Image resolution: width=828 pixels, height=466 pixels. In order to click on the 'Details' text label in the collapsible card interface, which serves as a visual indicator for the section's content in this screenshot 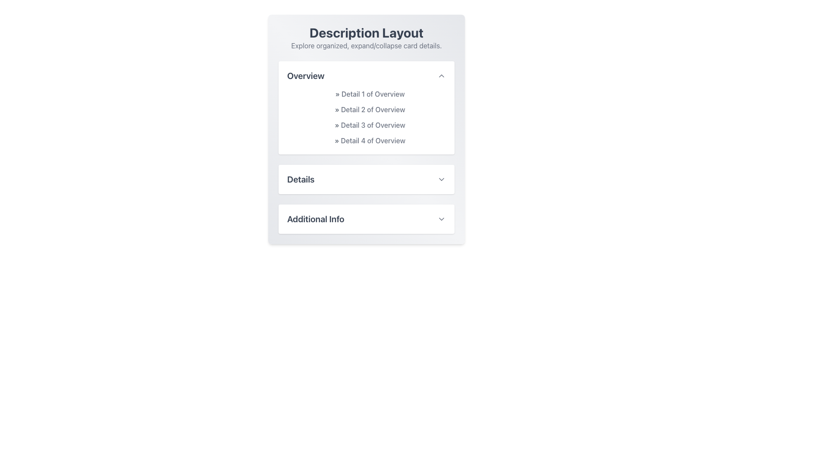, I will do `click(301, 179)`.